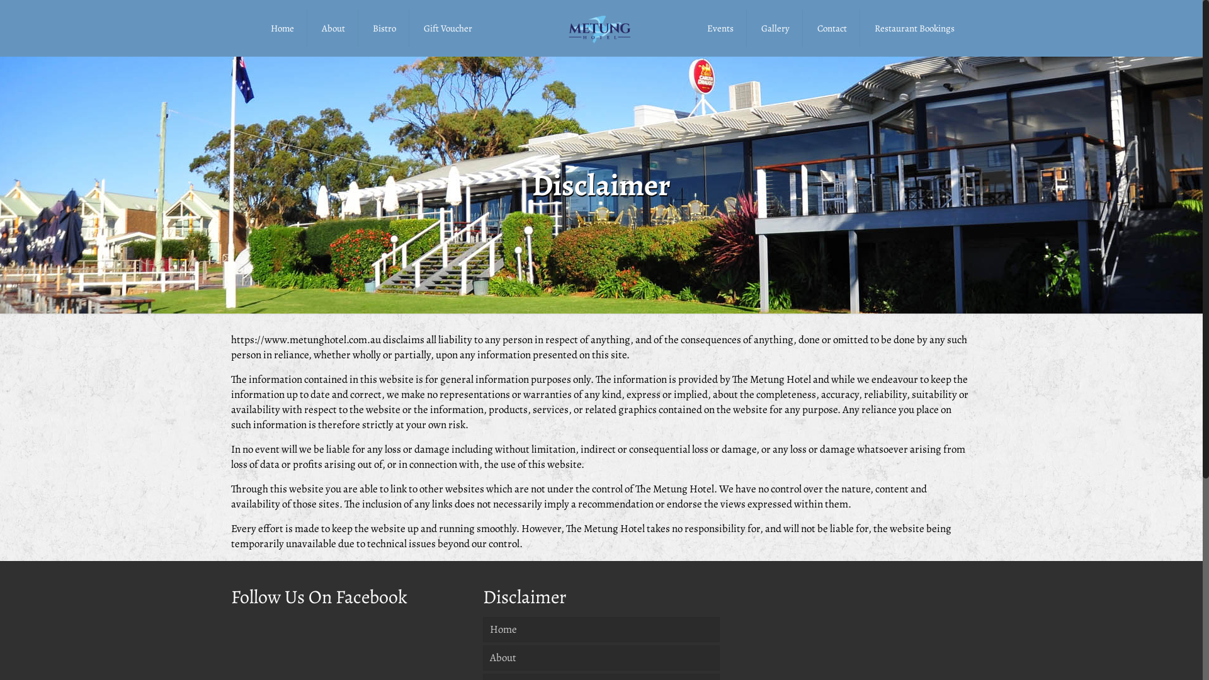 The height and width of the screenshot is (680, 1209). What do you see at coordinates (720, 28) in the screenshot?
I see `'Events'` at bounding box center [720, 28].